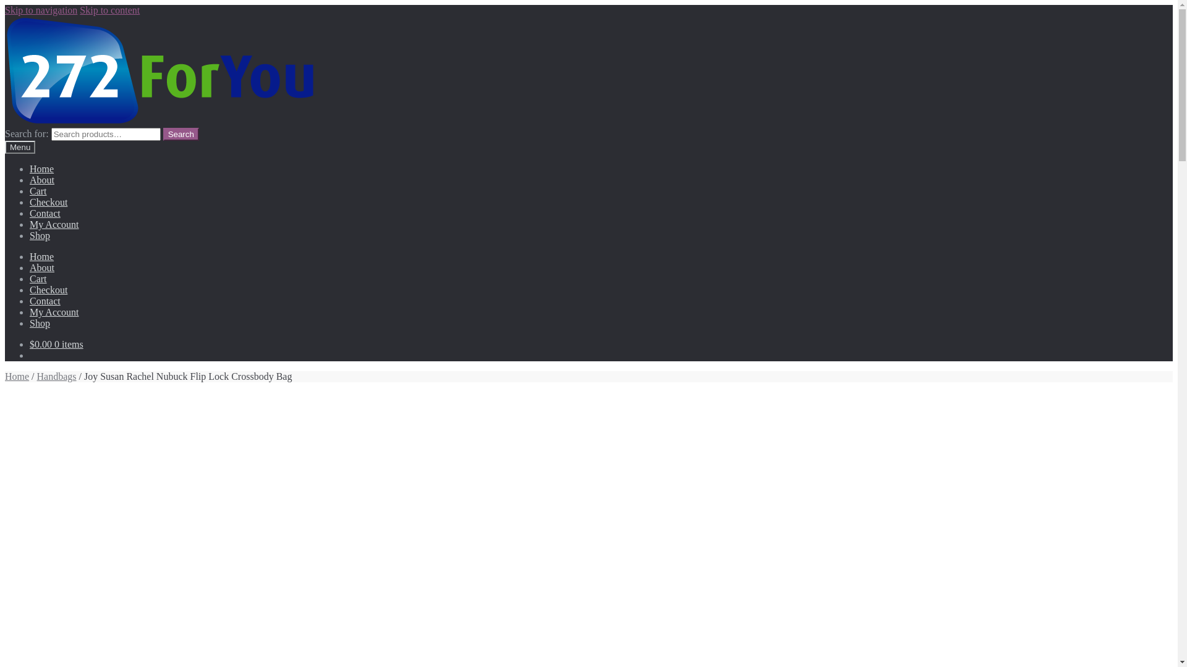 The height and width of the screenshot is (667, 1187). I want to click on 'Handbags', so click(56, 375).